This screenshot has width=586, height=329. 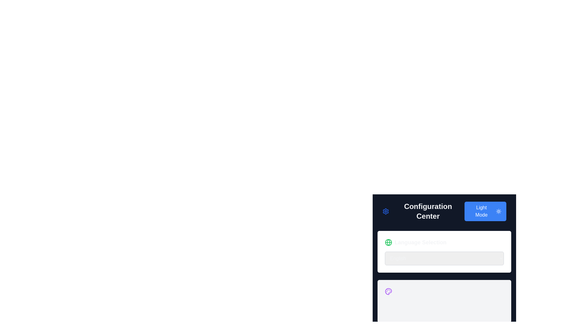 What do you see at coordinates (428, 211) in the screenshot?
I see `the Text Label that serves as the title for the 'Configuration Center' section, located near the top of the interface with an icon to its left and a 'Light Mode' button to its right` at bounding box center [428, 211].